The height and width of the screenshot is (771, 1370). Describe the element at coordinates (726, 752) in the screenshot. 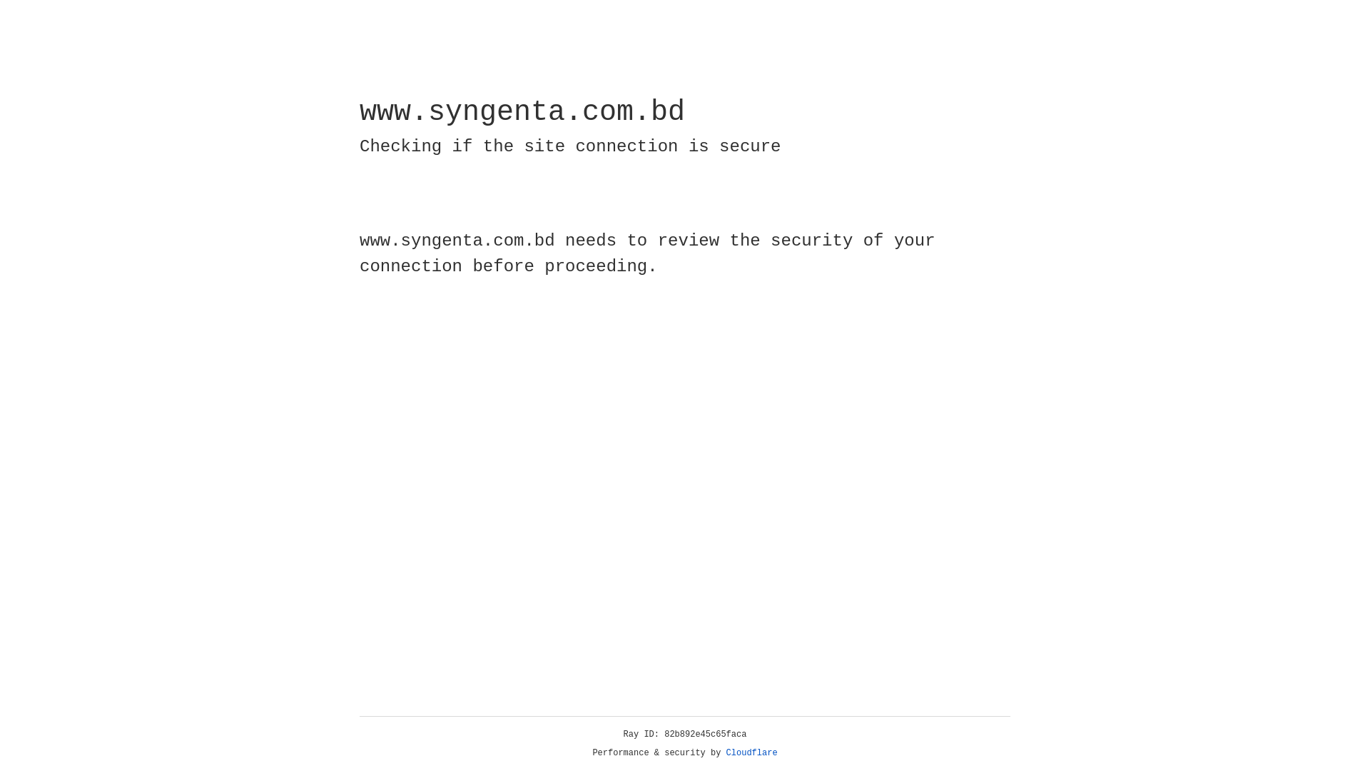

I see `'Cloudflare'` at that location.